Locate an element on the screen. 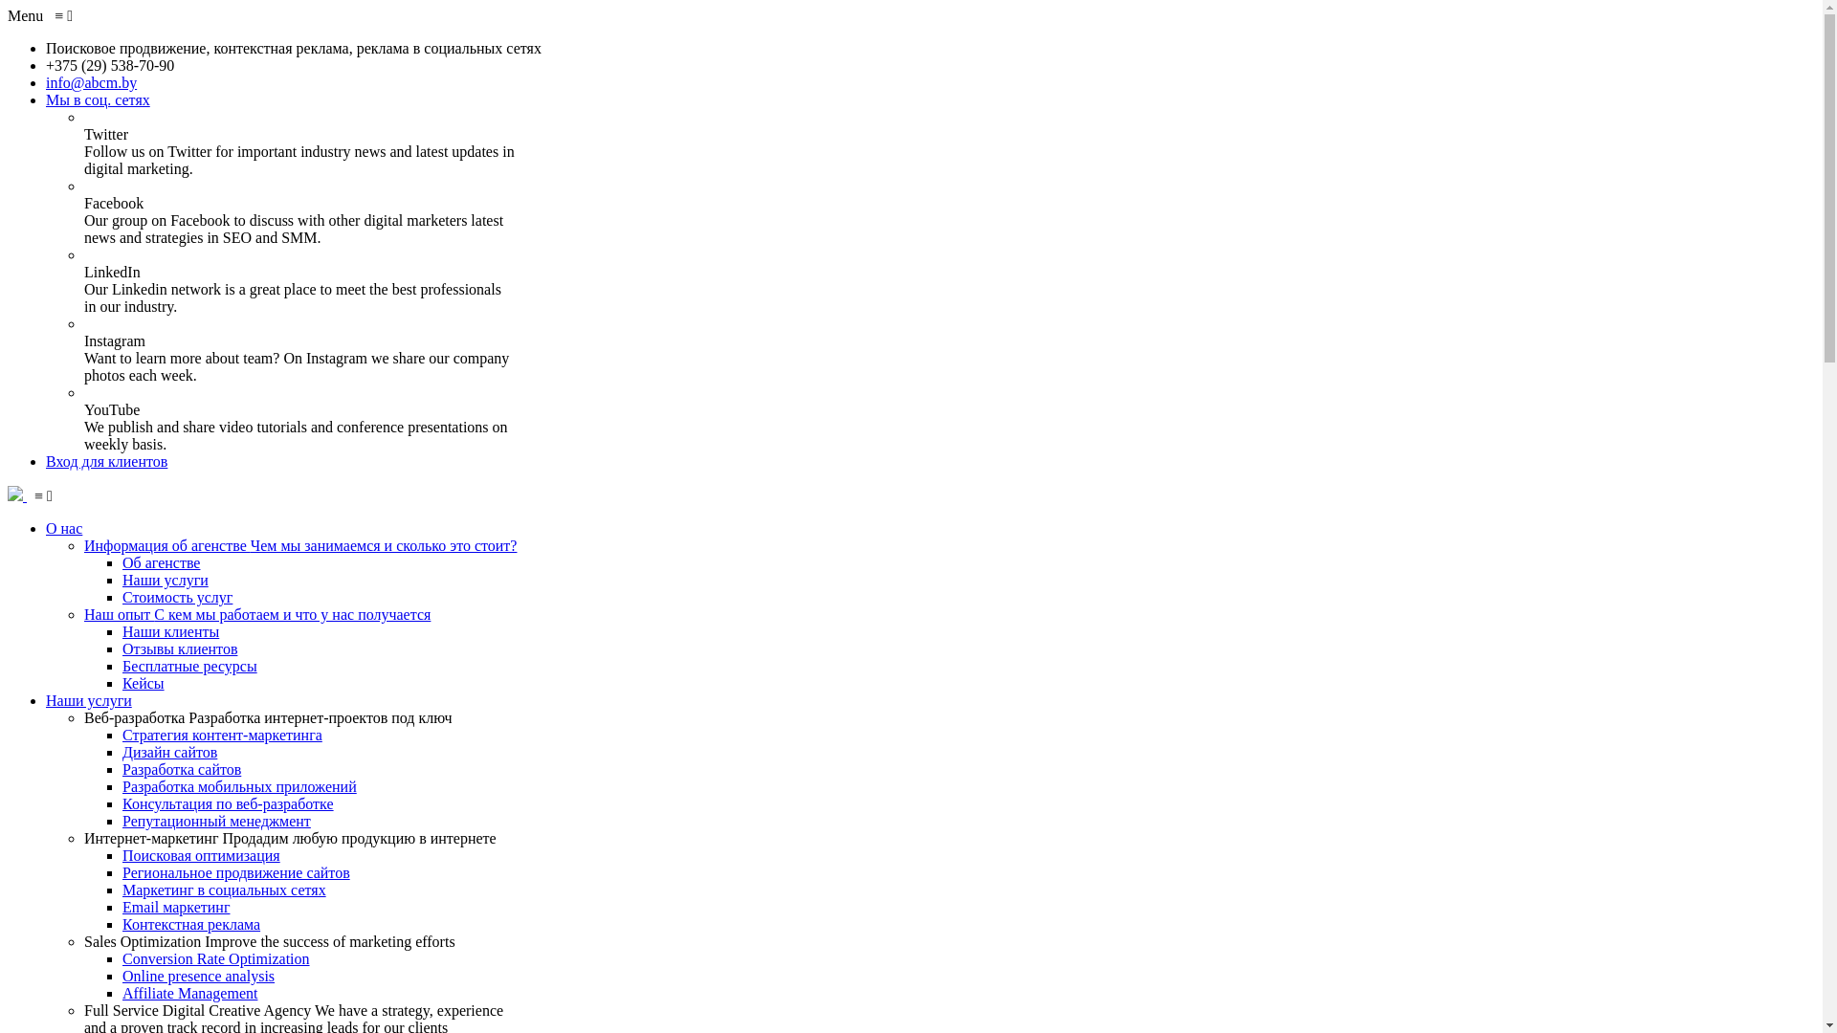  'ABC Marketing' is located at coordinates (17, 495).